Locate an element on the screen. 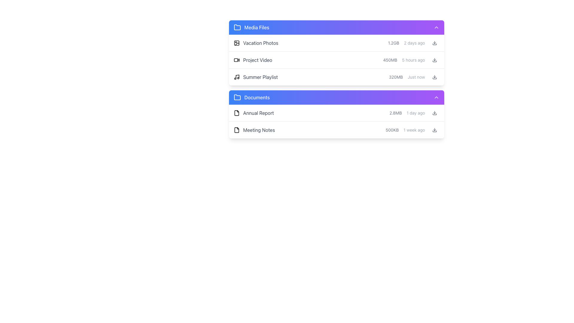 The width and height of the screenshot is (574, 323). the 'Documents' folder icon, which is located at the leftmost side of the 'Documents' row in the second section of the displayed panel is located at coordinates (237, 97).